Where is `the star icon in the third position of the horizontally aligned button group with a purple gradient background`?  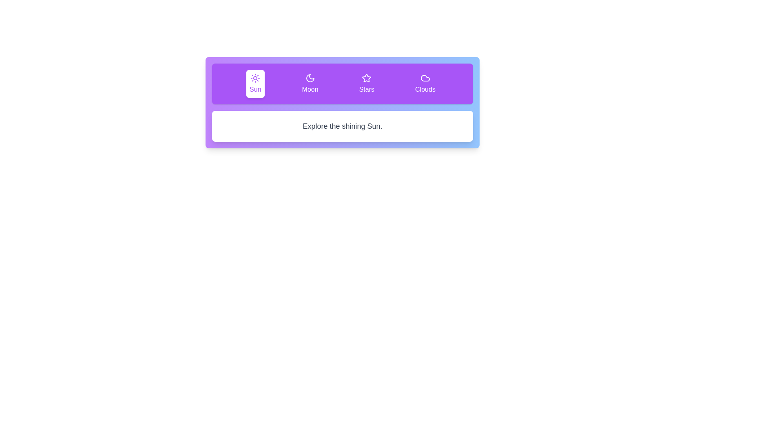
the star icon in the third position of the horizontally aligned button group with a purple gradient background is located at coordinates (343, 102).